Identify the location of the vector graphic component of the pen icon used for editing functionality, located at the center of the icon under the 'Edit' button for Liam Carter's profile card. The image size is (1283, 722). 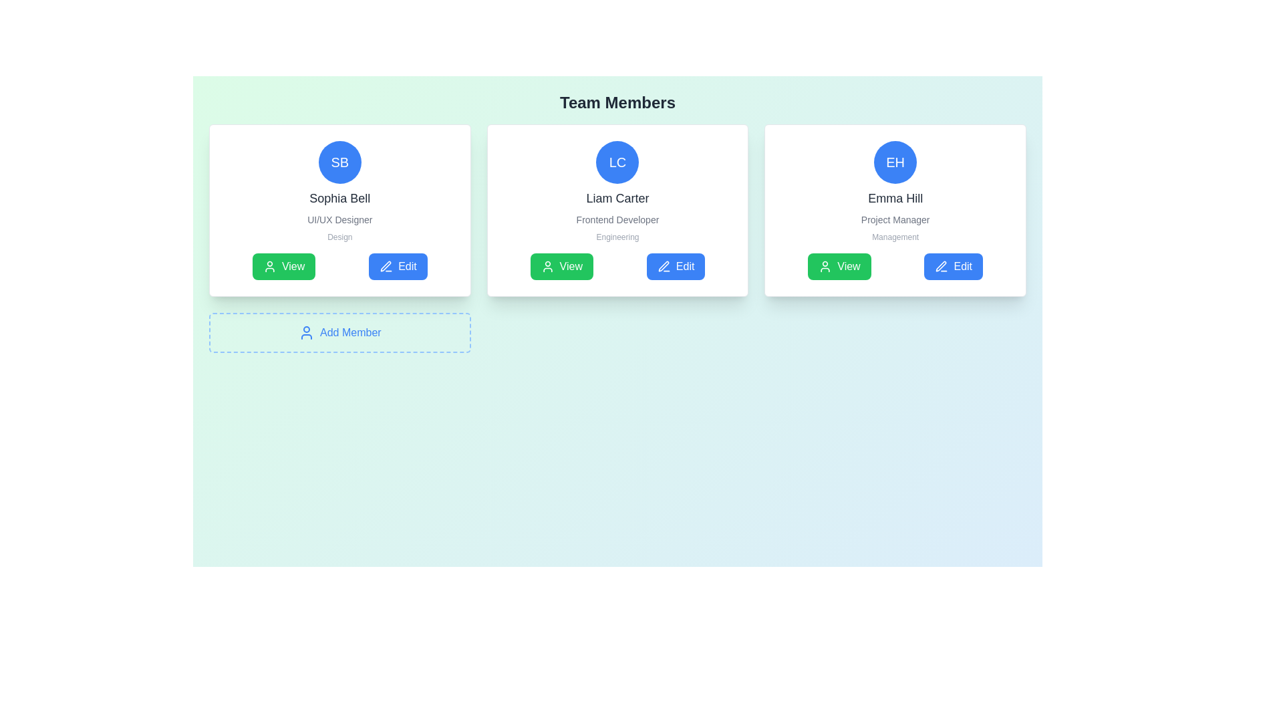
(385, 266).